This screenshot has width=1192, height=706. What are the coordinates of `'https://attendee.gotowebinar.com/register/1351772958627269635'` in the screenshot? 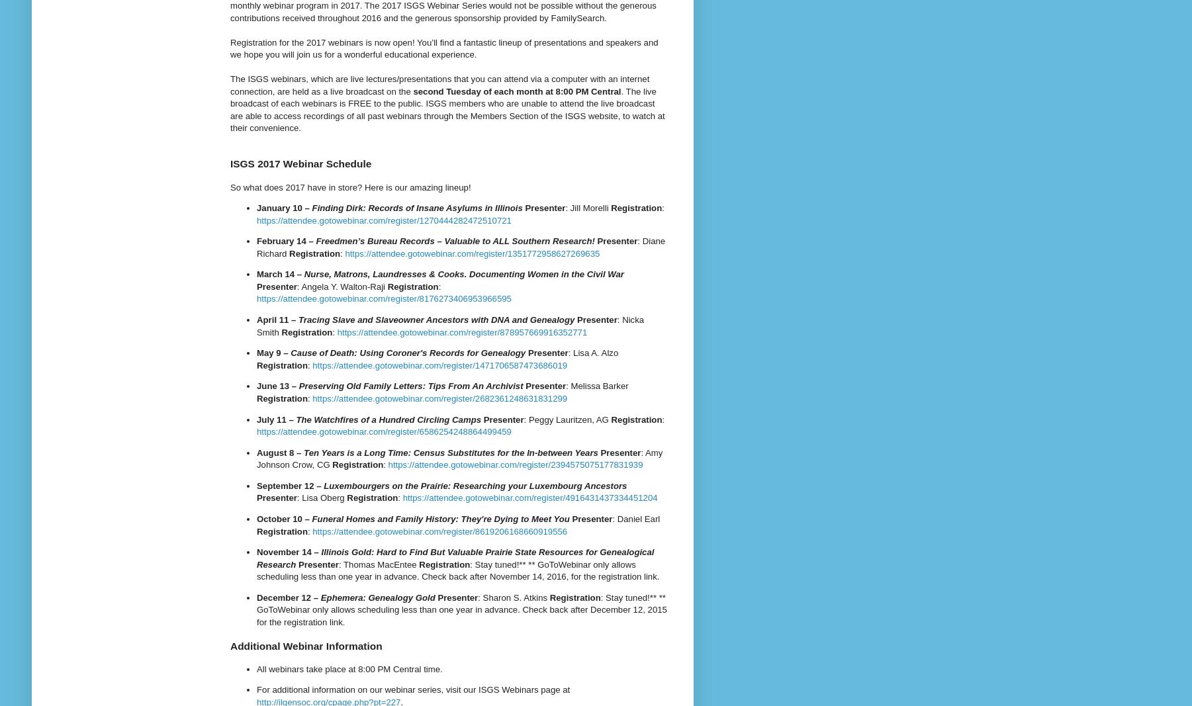 It's located at (472, 252).